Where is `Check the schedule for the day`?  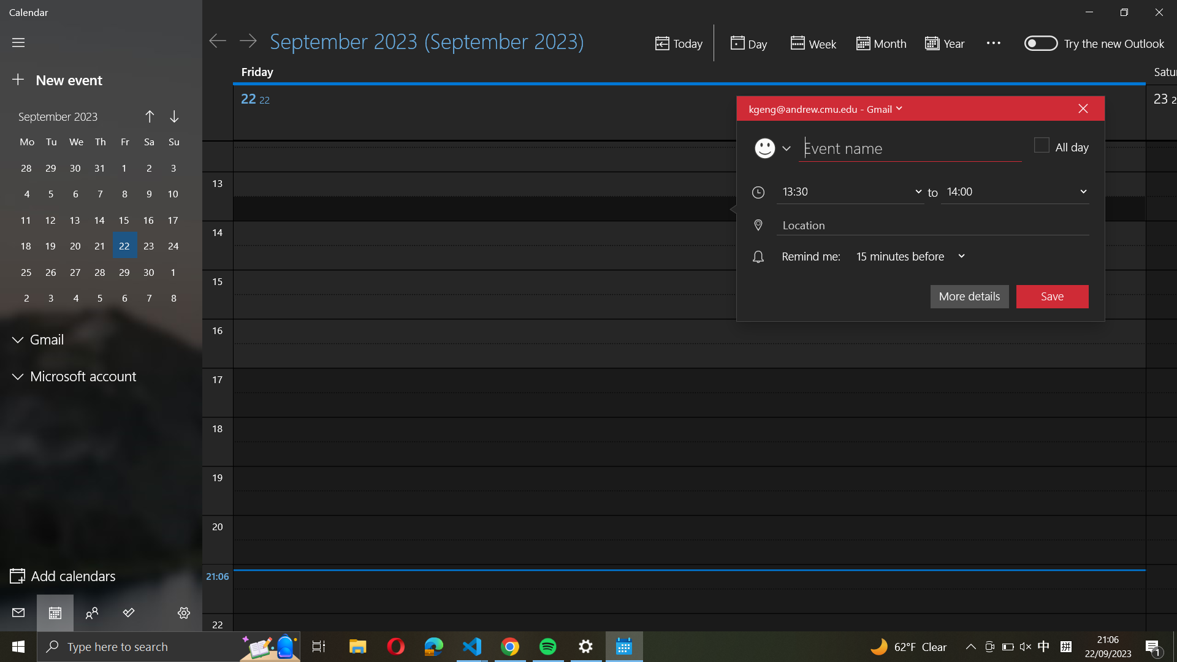 Check the schedule for the day is located at coordinates (748, 42).